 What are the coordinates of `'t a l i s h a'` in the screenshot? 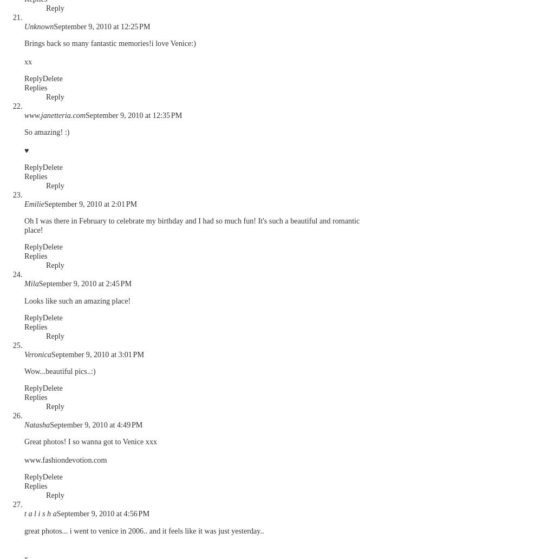 It's located at (40, 513).